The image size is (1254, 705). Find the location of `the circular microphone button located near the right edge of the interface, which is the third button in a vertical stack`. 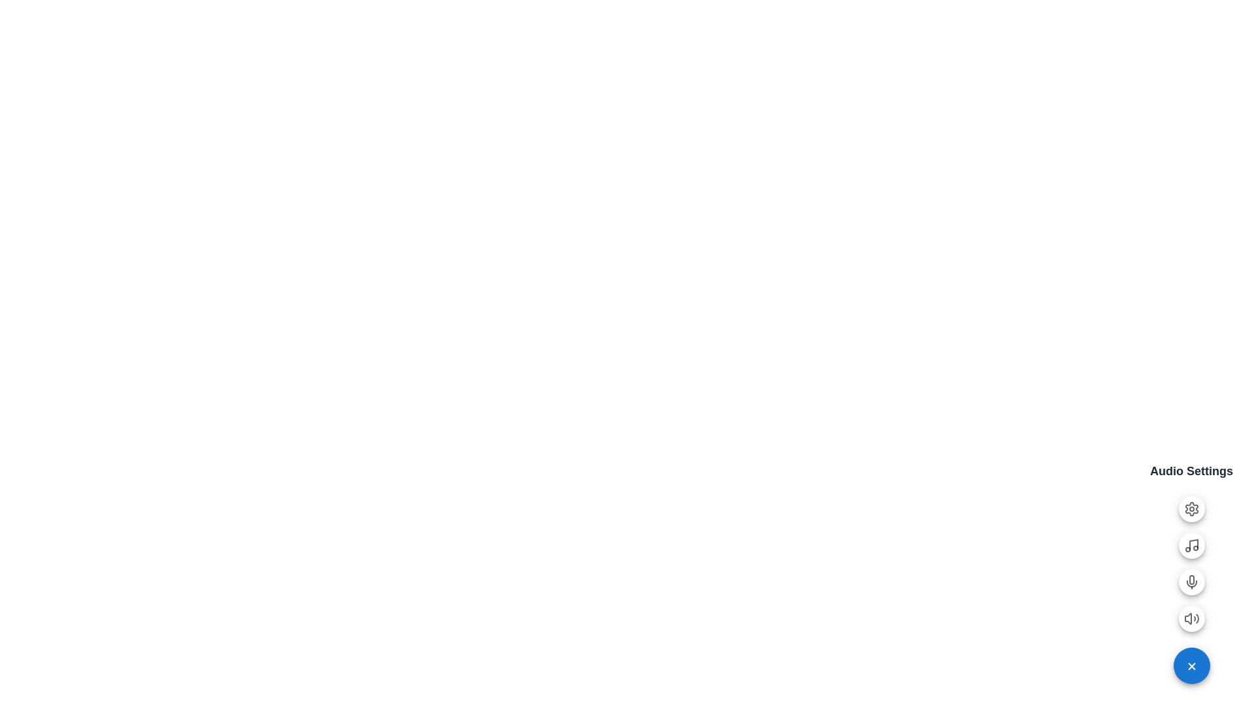

the circular microphone button located near the right edge of the interface, which is the third button in a vertical stack is located at coordinates (1191, 581).